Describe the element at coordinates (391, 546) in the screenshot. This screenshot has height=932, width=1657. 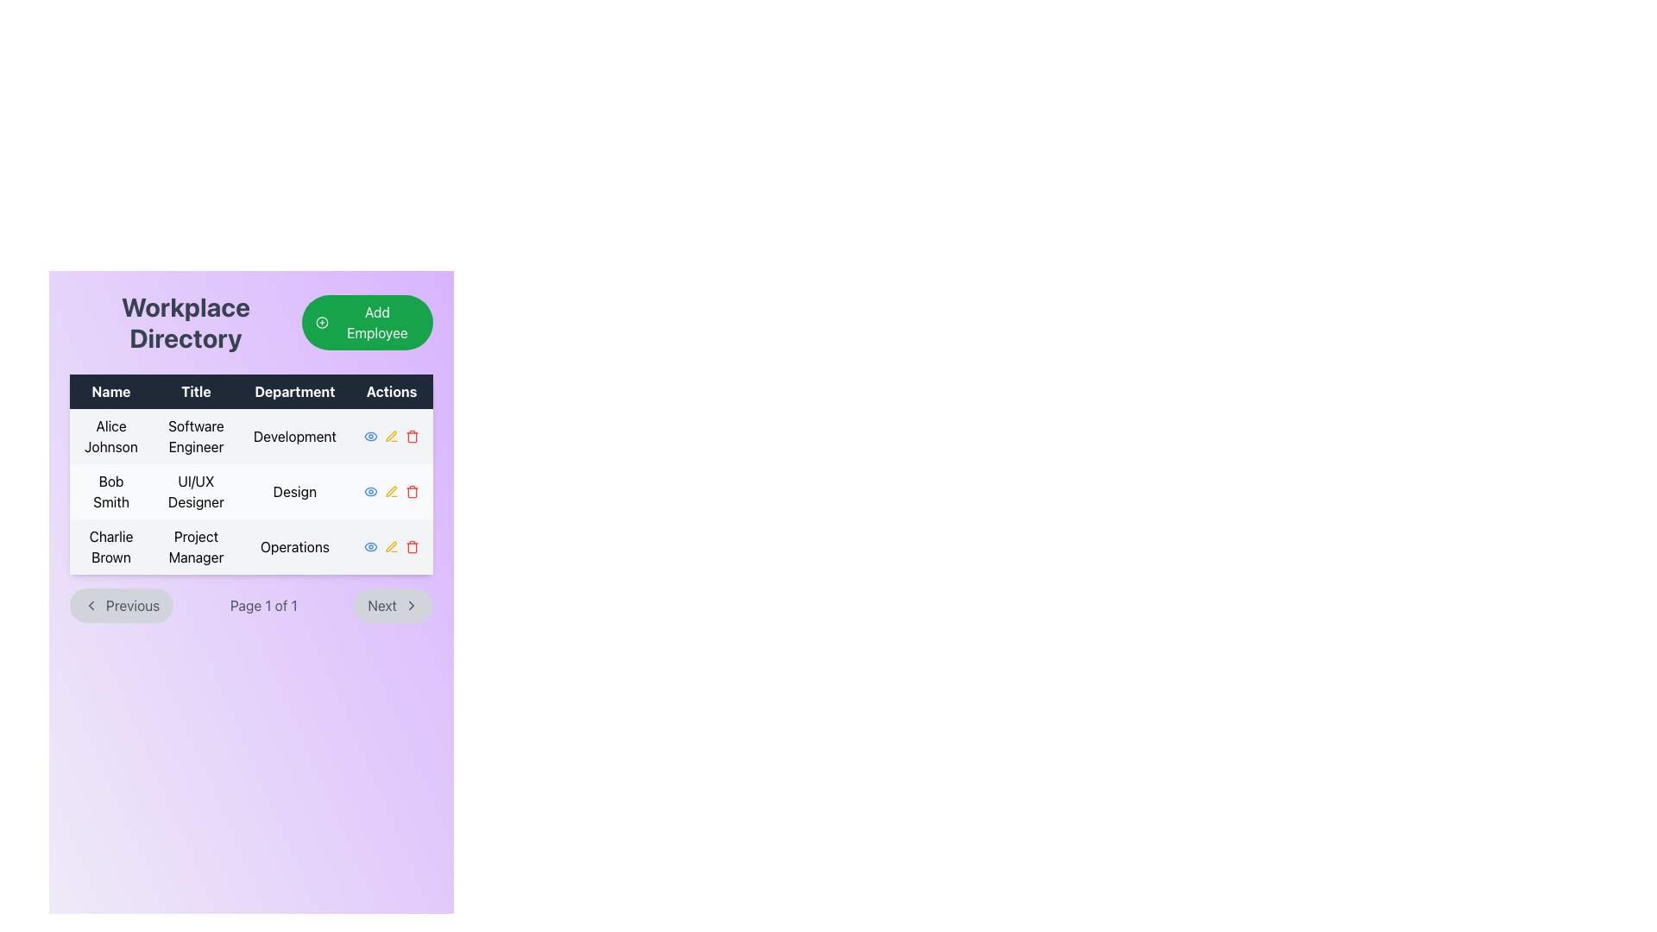
I see `the button in the third row of the table under the 'Actions' column` at that location.